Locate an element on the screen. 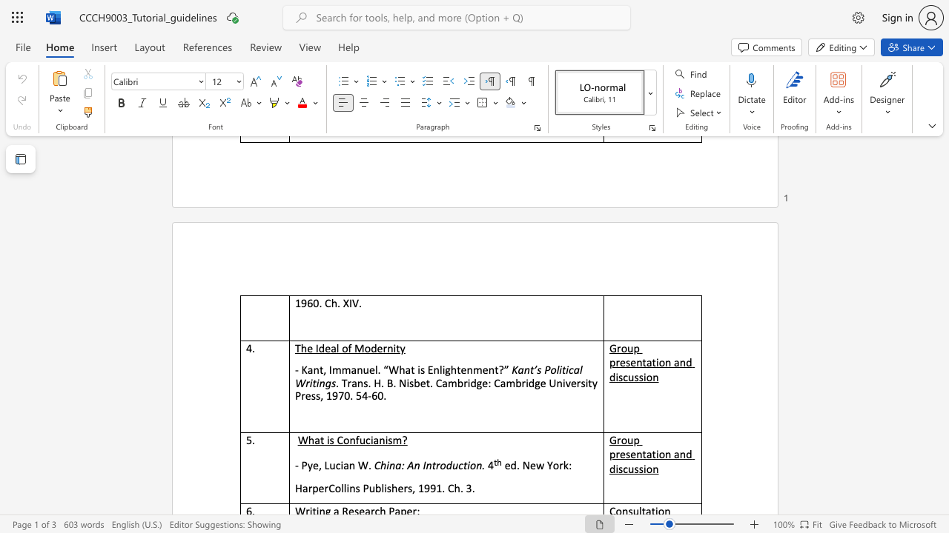 The image size is (949, 533). the subset text "p presentation and dis" within the text "Group presentation and discussion" is located at coordinates (633, 439).